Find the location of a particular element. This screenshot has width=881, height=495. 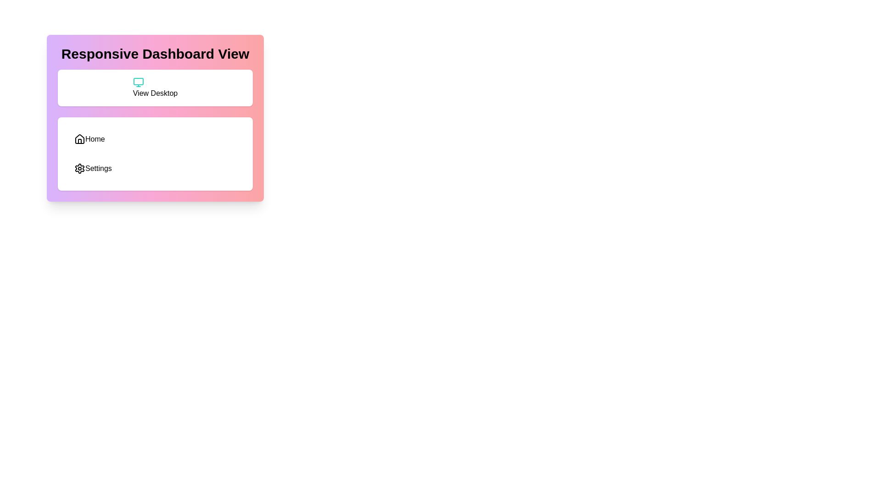

the settings icon located below the 'Home' option is located at coordinates (79, 168).